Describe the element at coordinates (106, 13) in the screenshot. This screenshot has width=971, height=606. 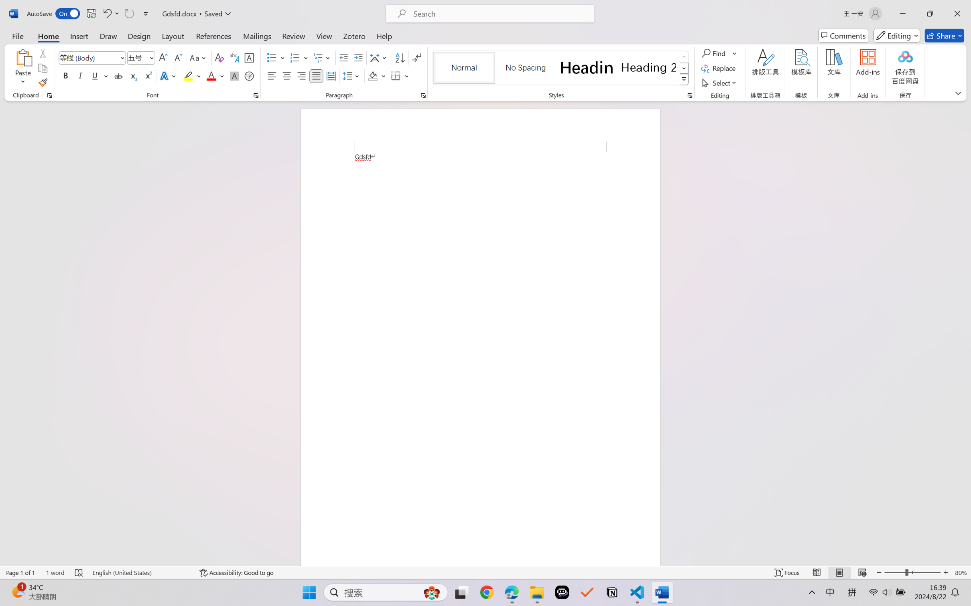
I see `'Undo Apply Quick Style'` at that location.